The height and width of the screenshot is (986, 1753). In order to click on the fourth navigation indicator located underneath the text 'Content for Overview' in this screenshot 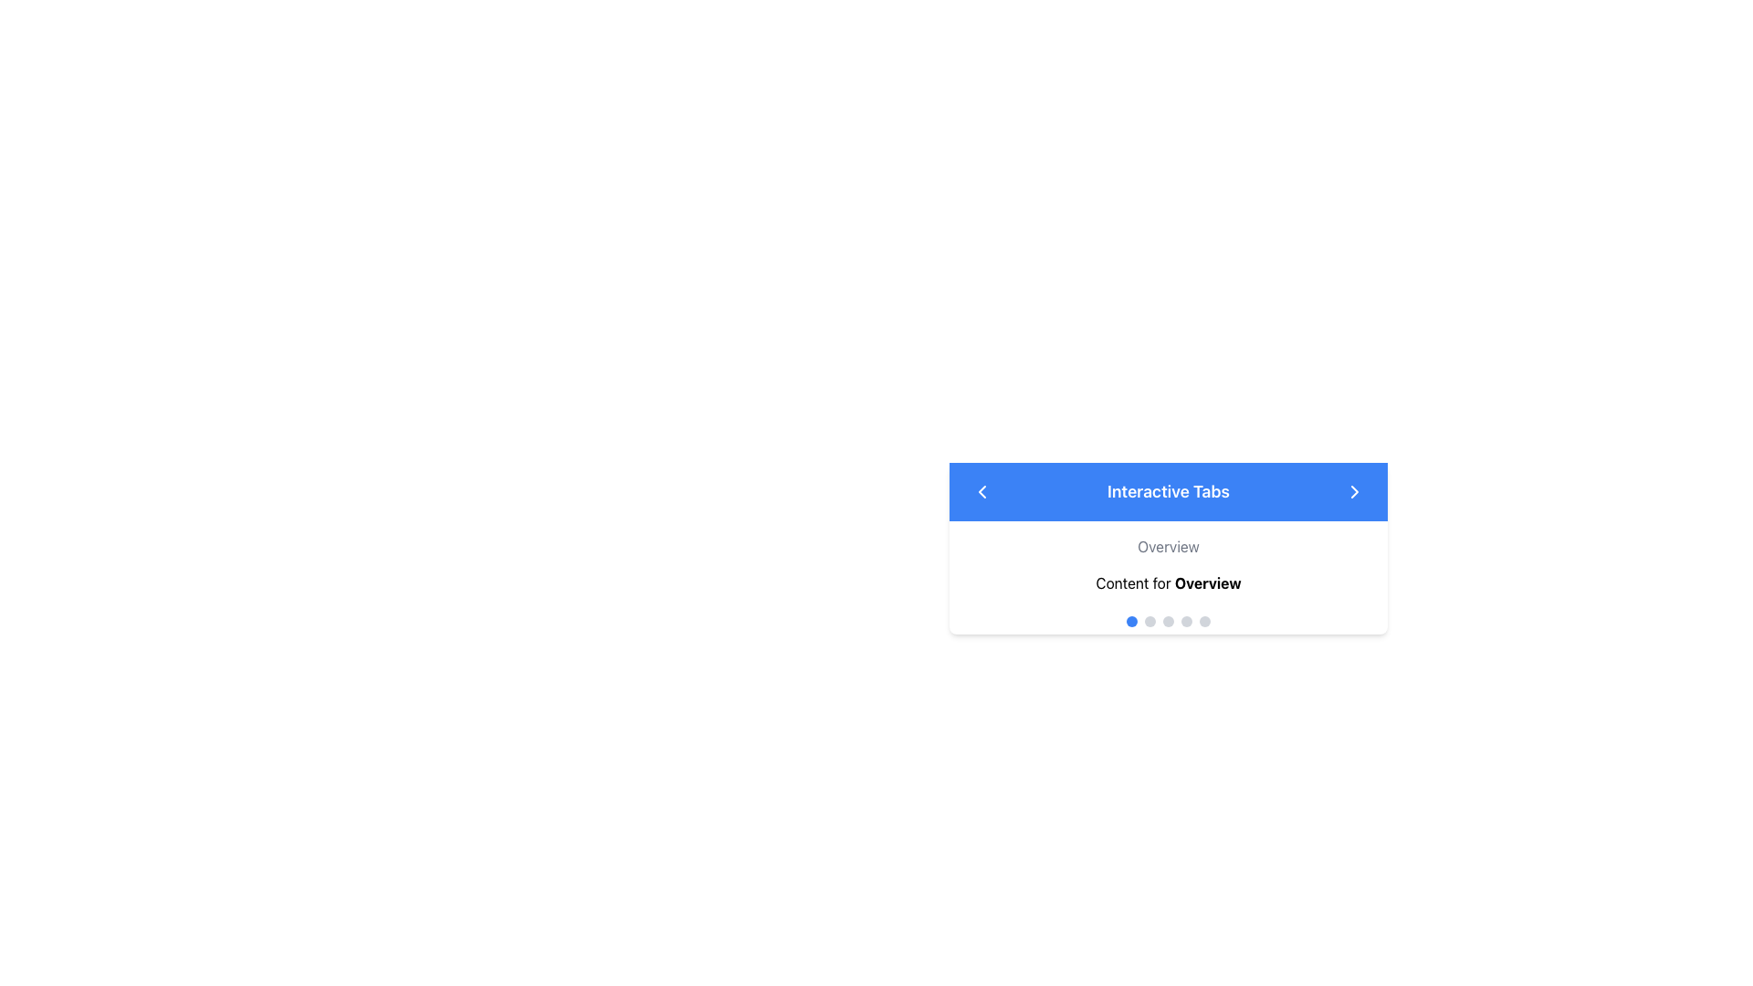, I will do `click(1187, 621)`.